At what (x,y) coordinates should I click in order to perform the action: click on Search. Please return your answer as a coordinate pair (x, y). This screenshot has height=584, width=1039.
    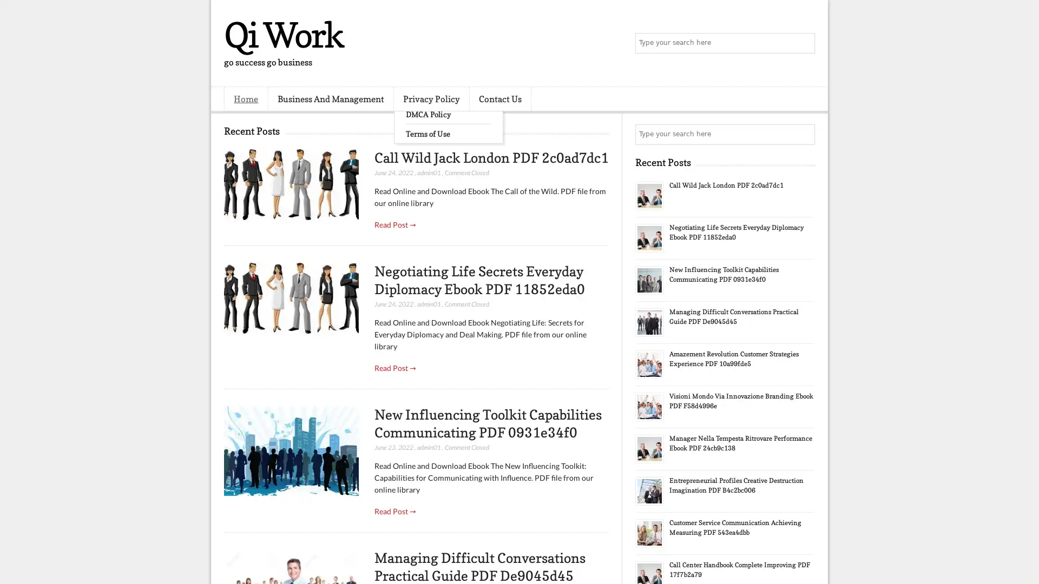
    Looking at the image, I should click on (804, 43).